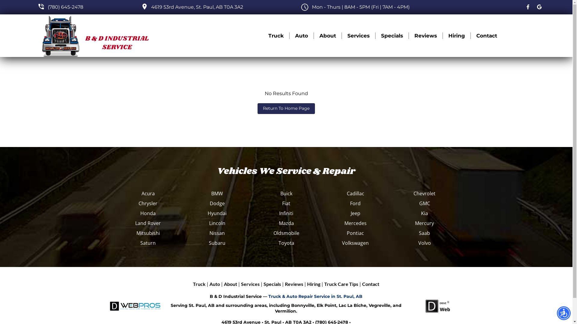 The image size is (577, 324). What do you see at coordinates (355, 243) in the screenshot?
I see `'Volkswagen'` at bounding box center [355, 243].